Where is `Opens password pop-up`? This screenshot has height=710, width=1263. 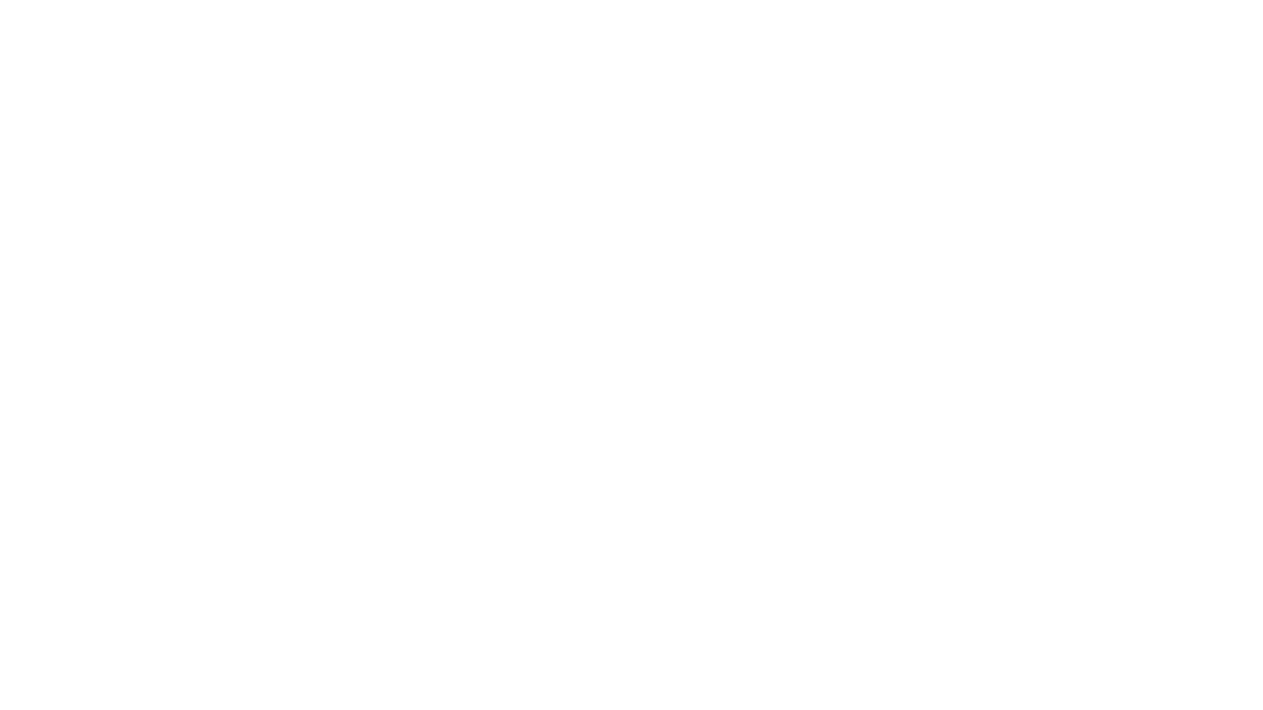
Opens password pop-up is located at coordinates (445, 277).